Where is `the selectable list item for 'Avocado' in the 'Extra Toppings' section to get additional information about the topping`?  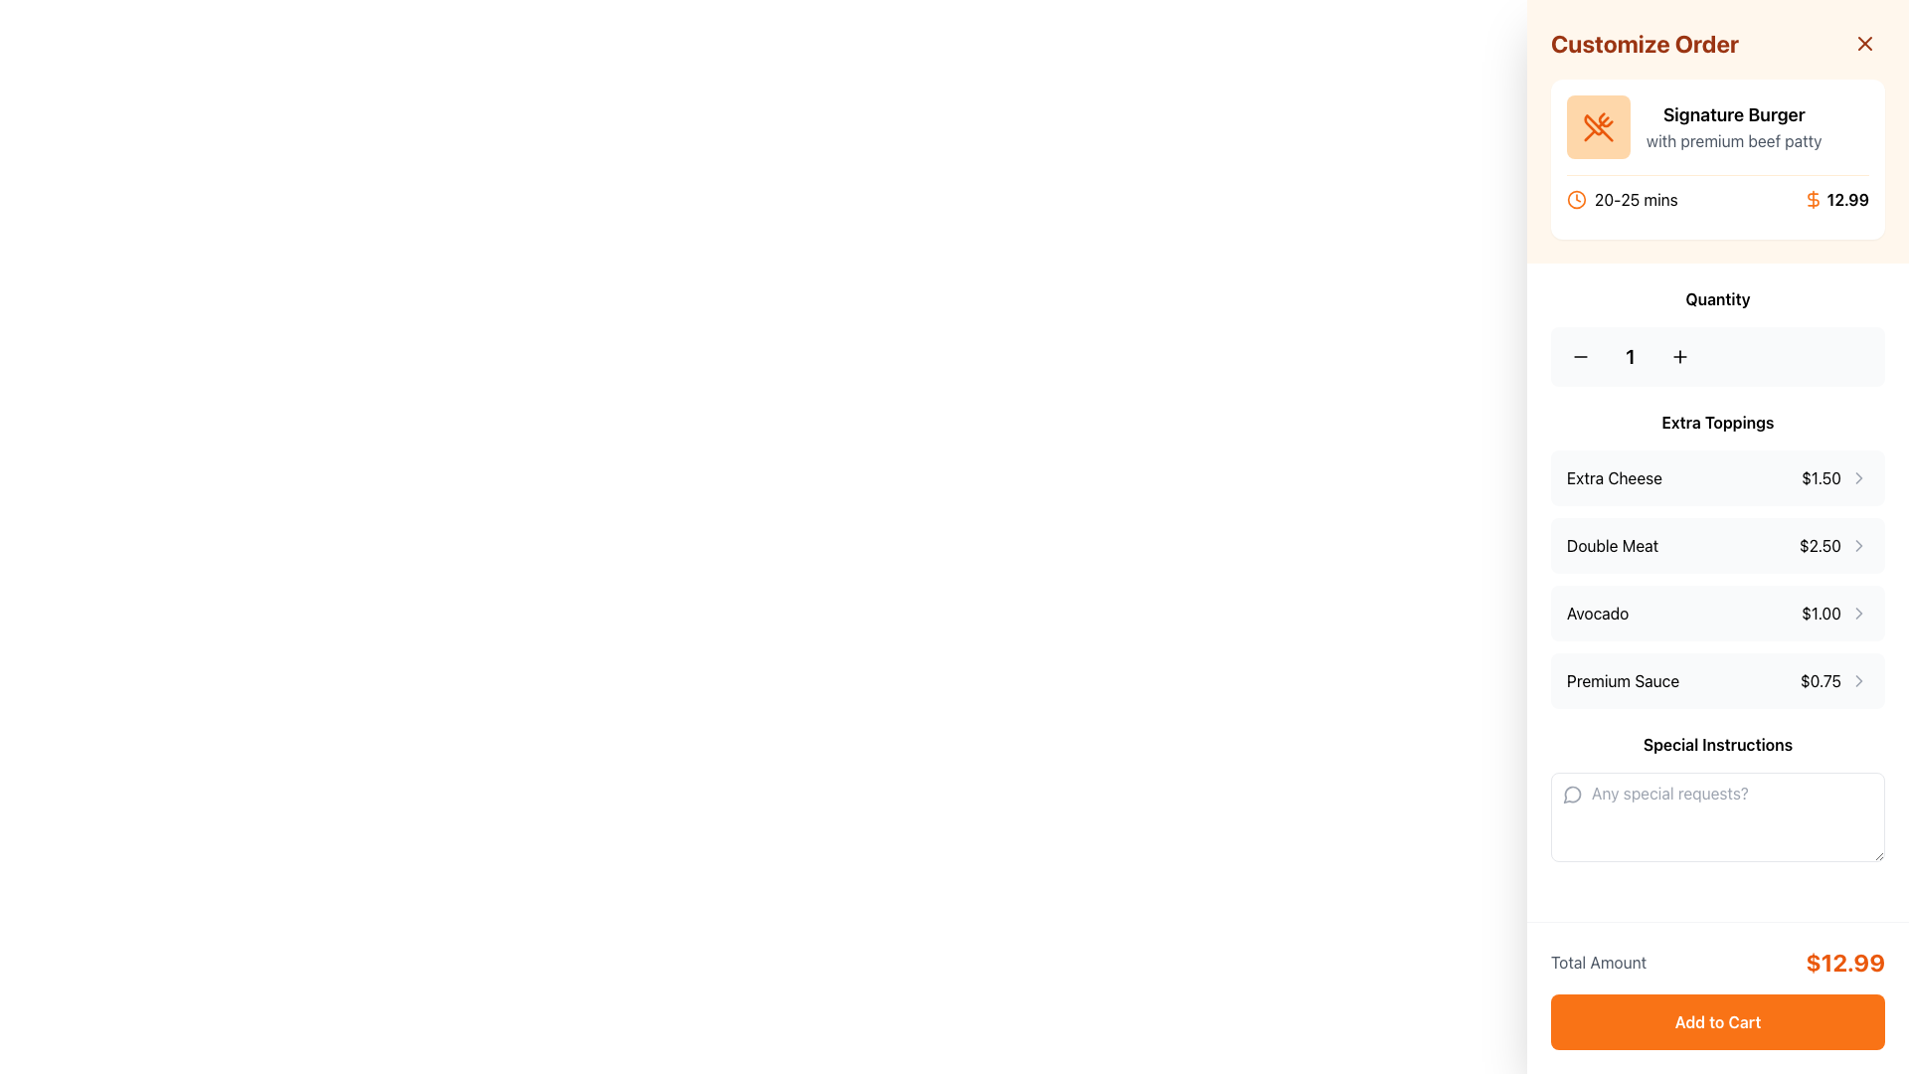 the selectable list item for 'Avocado' in the 'Extra Toppings' section to get additional information about the topping is located at coordinates (1717, 613).